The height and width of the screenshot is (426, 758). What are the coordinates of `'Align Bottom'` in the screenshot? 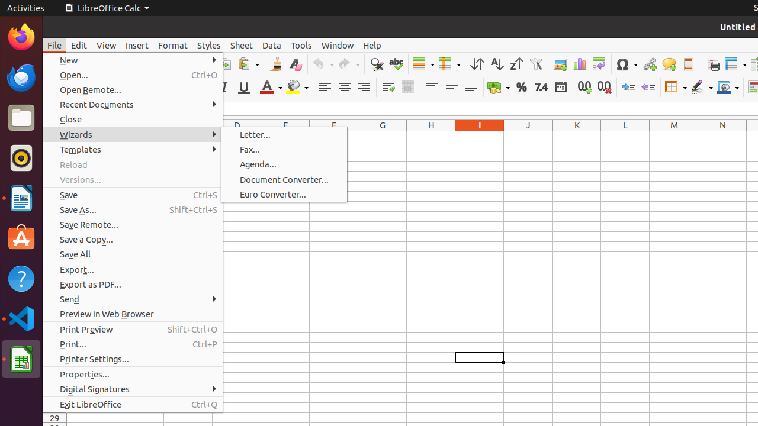 It's located at (470, 86).